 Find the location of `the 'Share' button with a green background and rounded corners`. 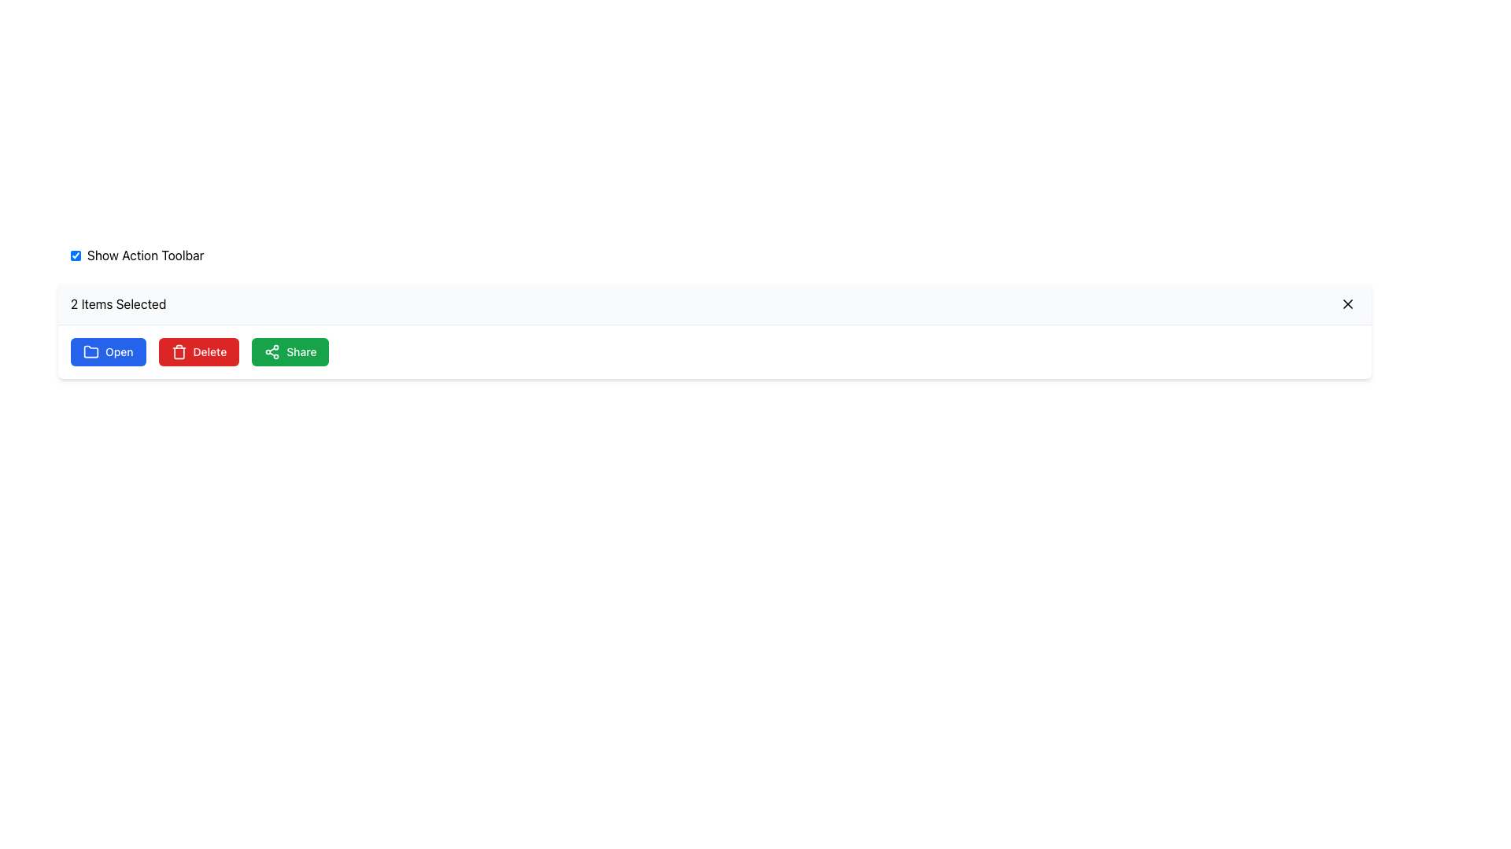

the 'Share' button with a green background and rounded corners is located at coordinates (290, 351).